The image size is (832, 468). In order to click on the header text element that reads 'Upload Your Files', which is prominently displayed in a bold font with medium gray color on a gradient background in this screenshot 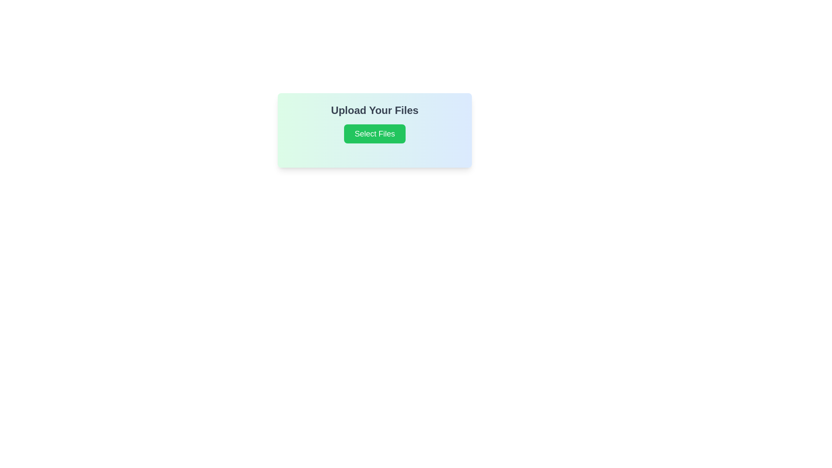, I will do `click(374, 110)`.